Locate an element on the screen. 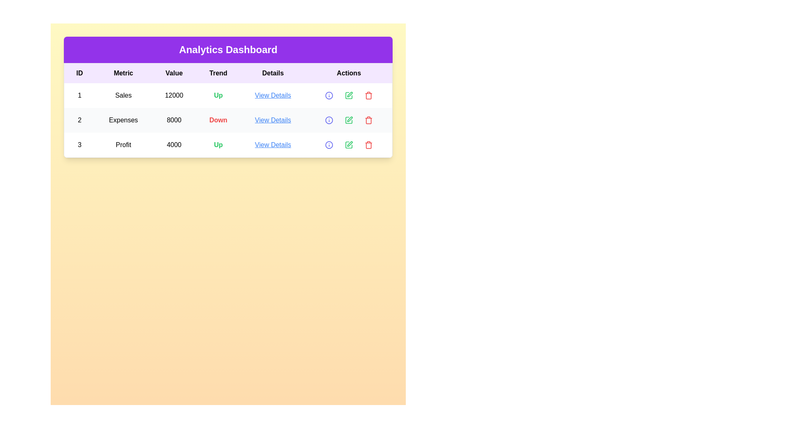 This screenshot has width=791, height=445. the green pen icon button with a rounded border located in the 'Actions' column of the third row for the 'Profit' metric is located at coordinates (349, 144).